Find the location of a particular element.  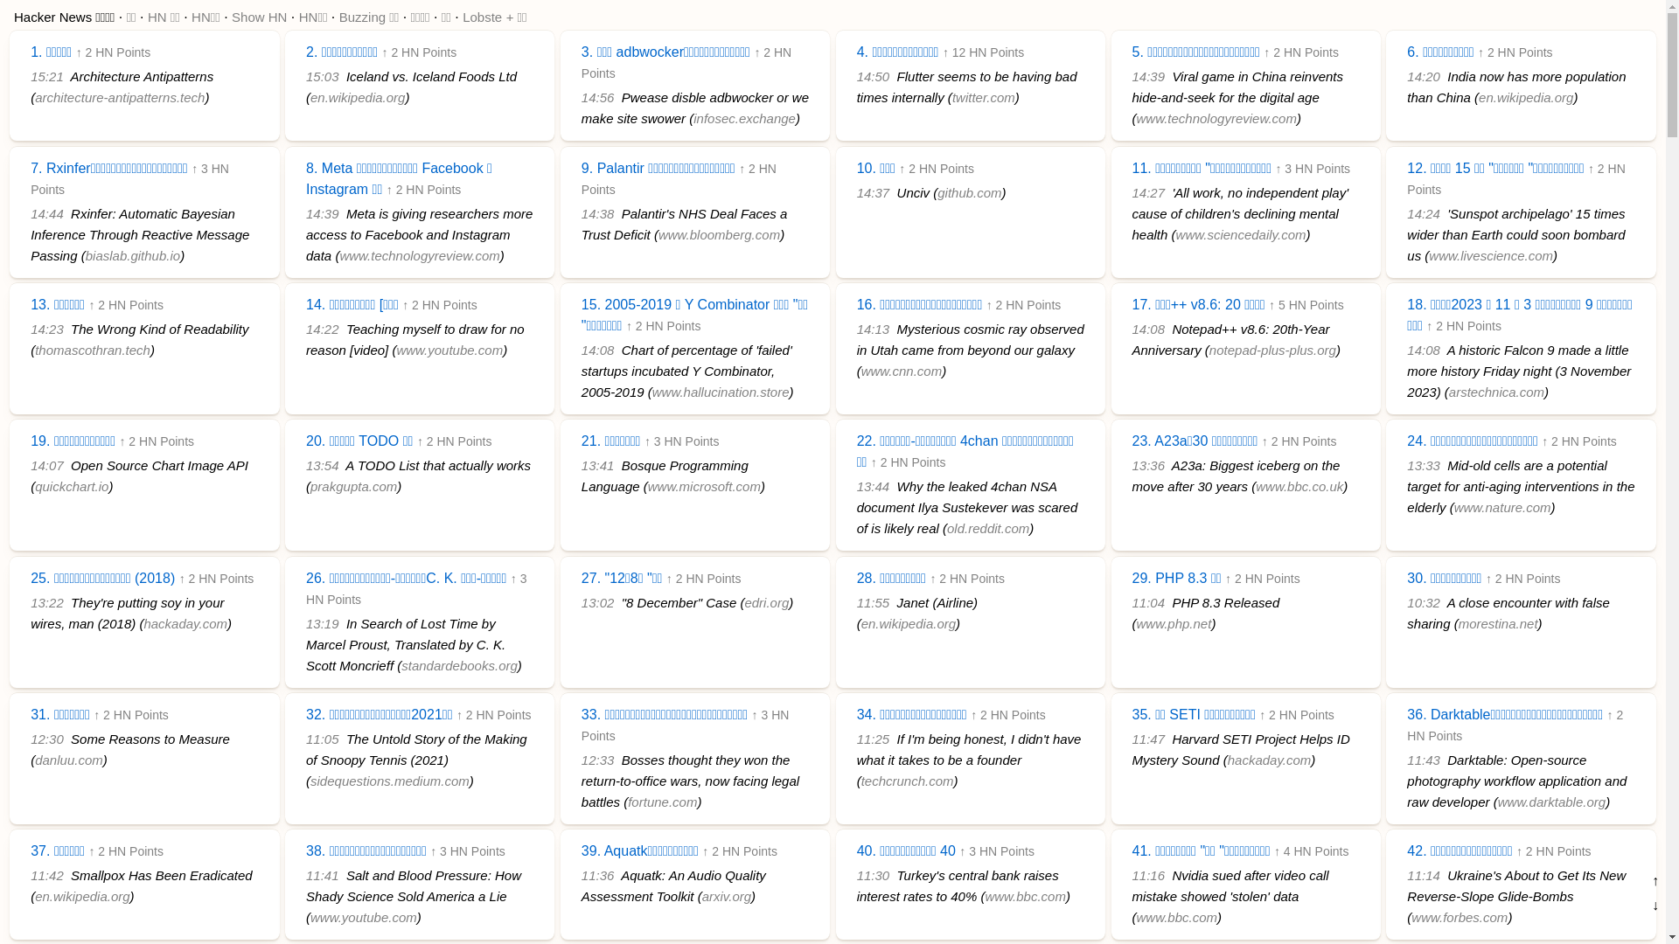

'14:20' is located at coordinates (1423, 75).